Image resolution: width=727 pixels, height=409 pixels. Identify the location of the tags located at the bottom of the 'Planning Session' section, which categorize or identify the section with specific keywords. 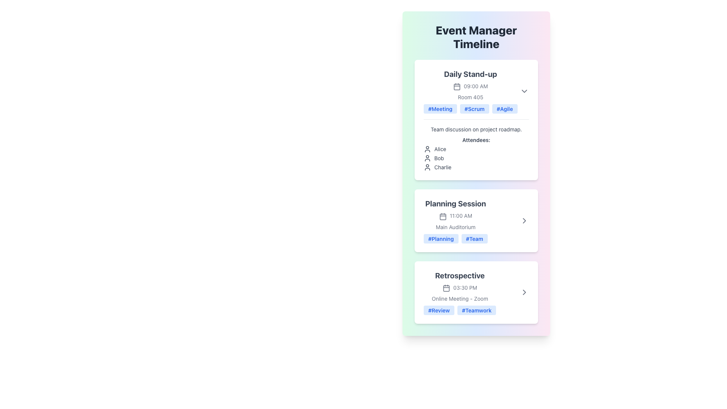
(455, 238).